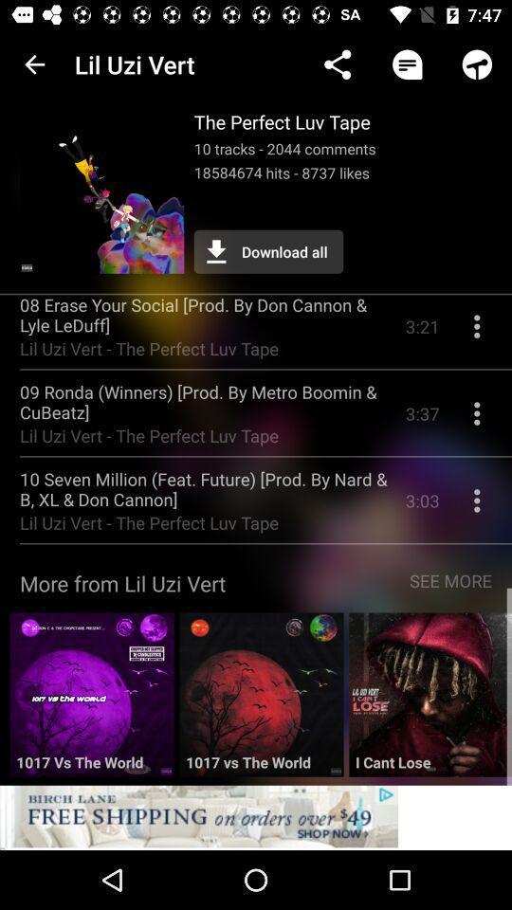  Describe the element at coordinates (476, 421) in the screenshot. I see `menu options` at that location.